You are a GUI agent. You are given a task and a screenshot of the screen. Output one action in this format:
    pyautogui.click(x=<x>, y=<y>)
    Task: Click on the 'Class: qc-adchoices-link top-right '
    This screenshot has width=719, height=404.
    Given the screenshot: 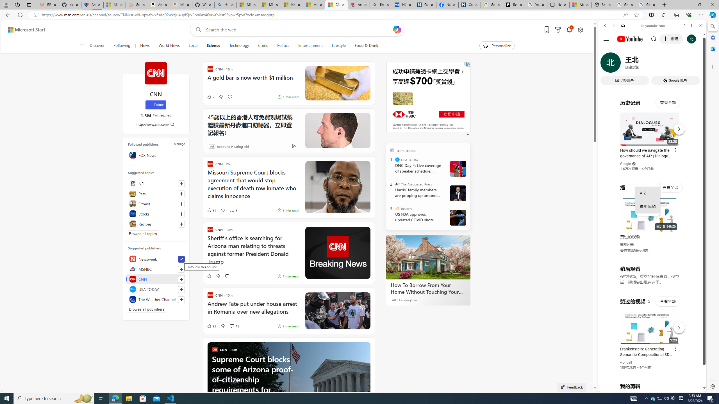 What is the action you would take?
    pyautogui.click(x=467, y=64)
    